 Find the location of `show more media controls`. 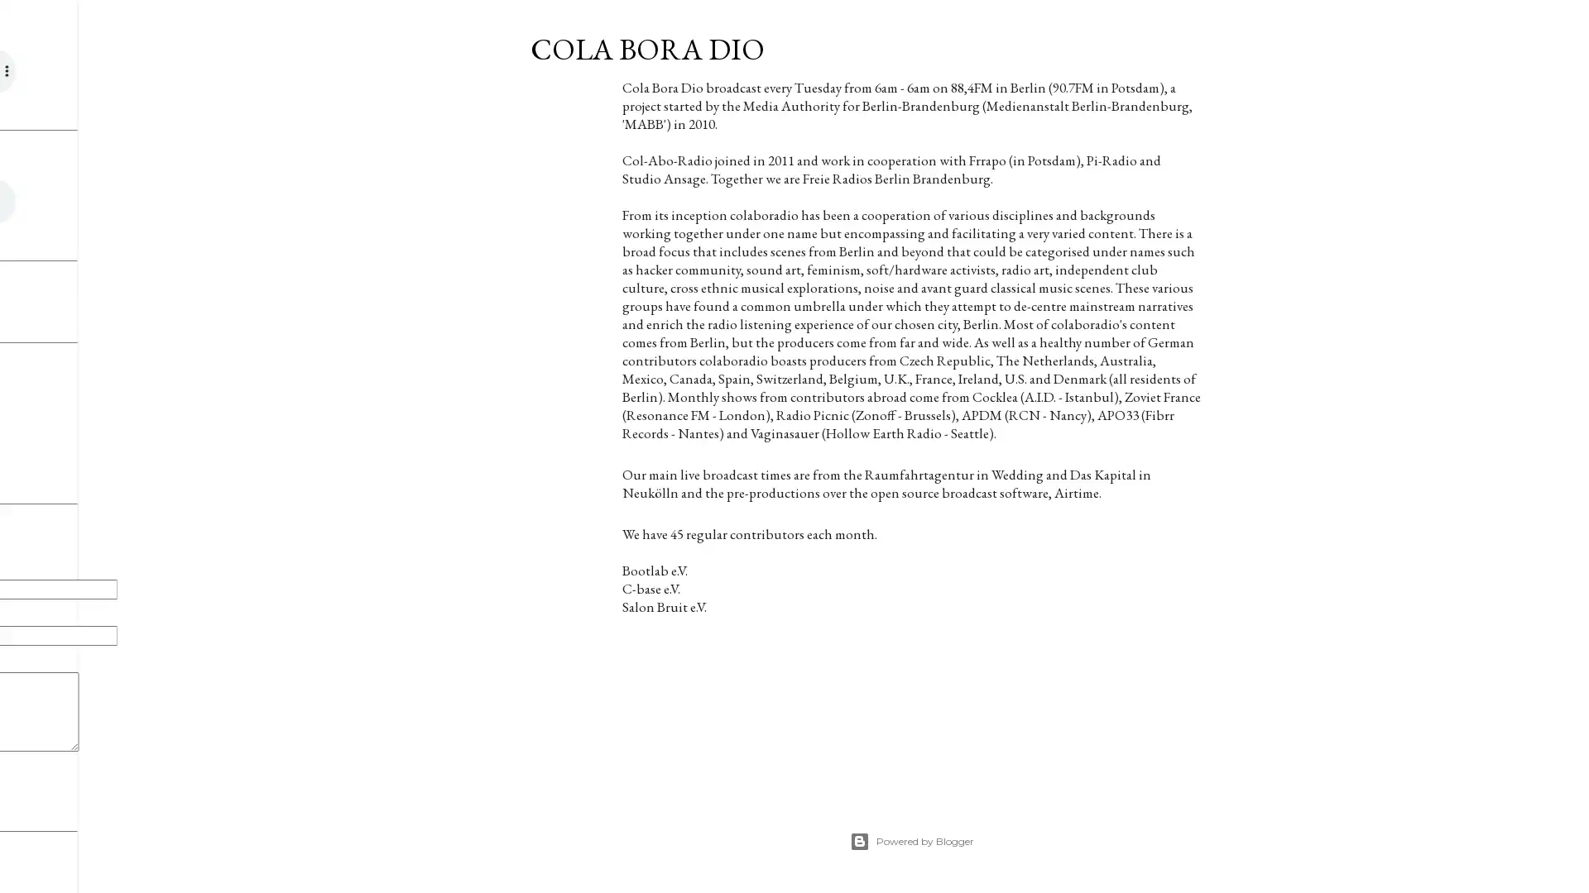

show more media controls is located at coordinates (151, 200).